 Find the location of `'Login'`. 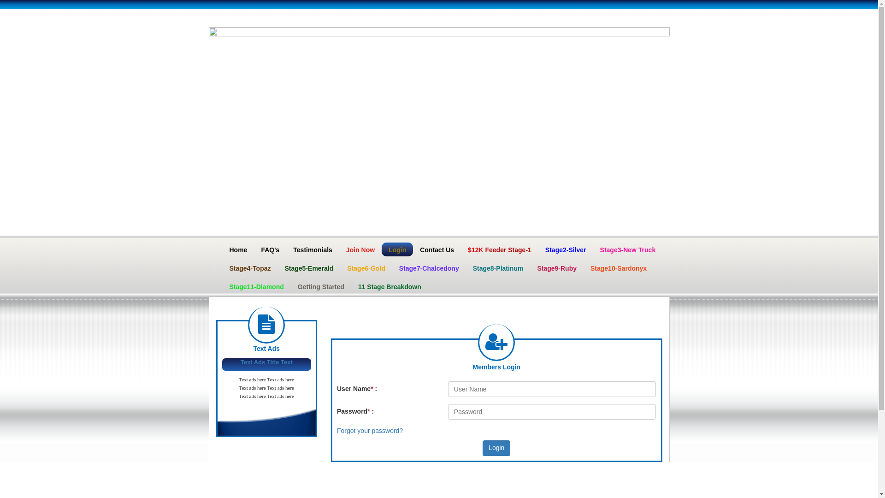

'Login' is located at coordinates (482, 448).